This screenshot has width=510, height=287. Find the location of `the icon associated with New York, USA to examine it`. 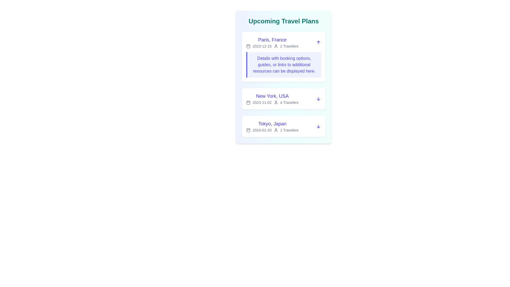

the icon associated with New York, USA to examine it is located at coordinates (248, 102).